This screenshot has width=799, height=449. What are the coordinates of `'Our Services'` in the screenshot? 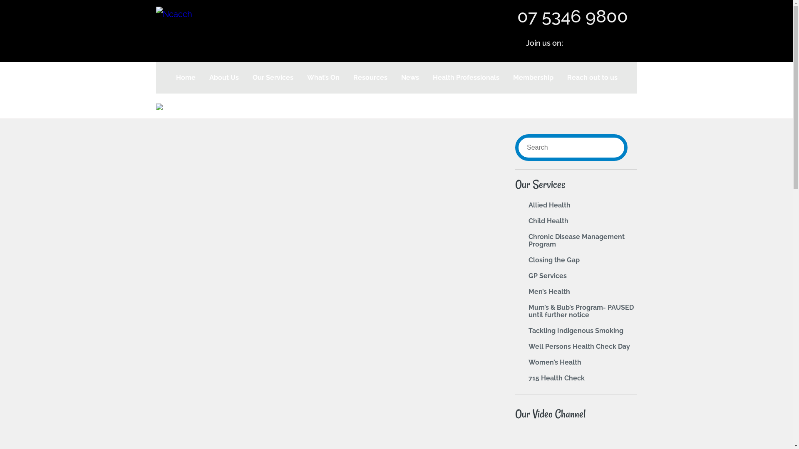 It's located at (273, 77).